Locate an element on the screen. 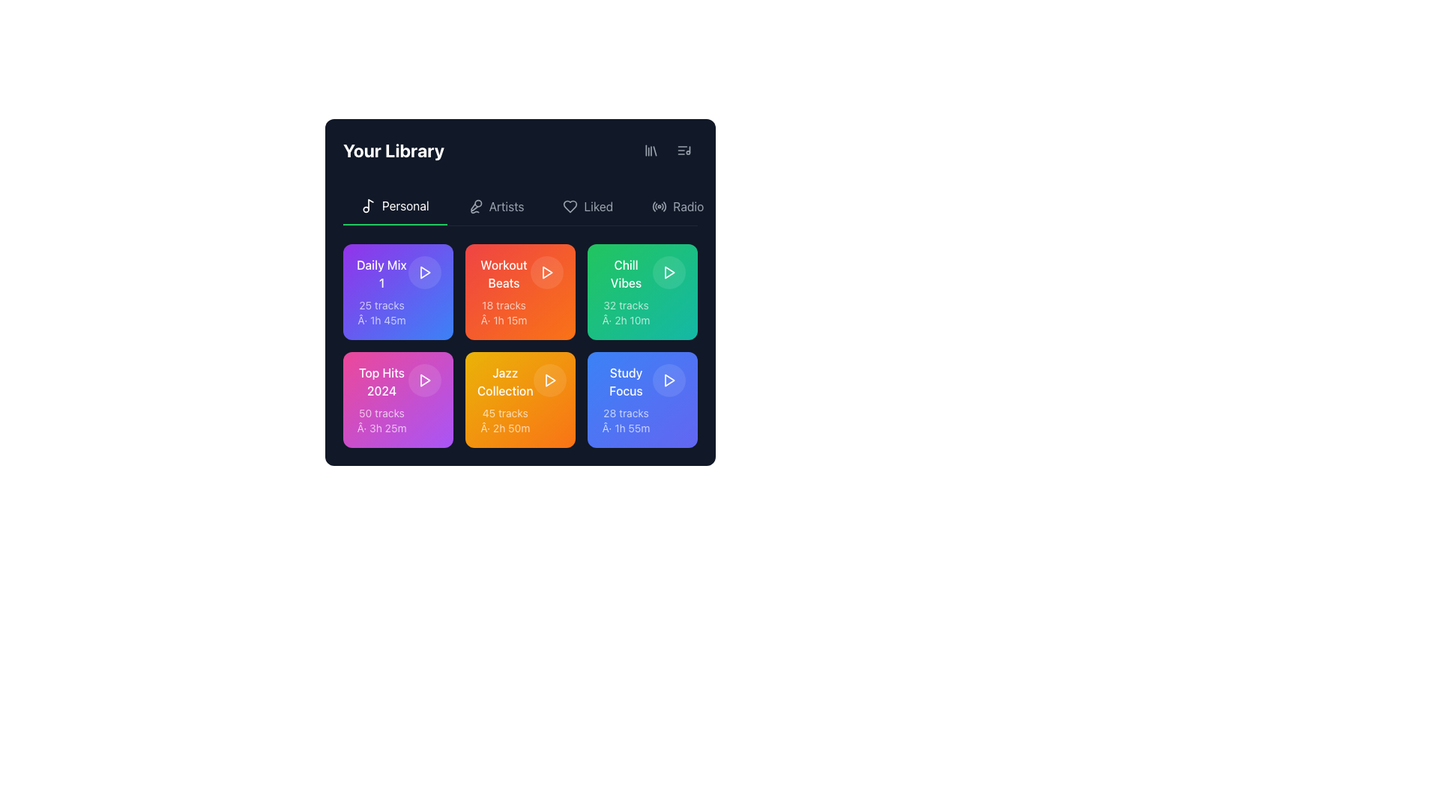 Image resolution: width=1439 pixels, height=809 pixels. the Text label located at the bottom of the 'Jazz Collection' card, which summarizes the number of tracks and total duration of the playlist is located at coordinates (505, 421).